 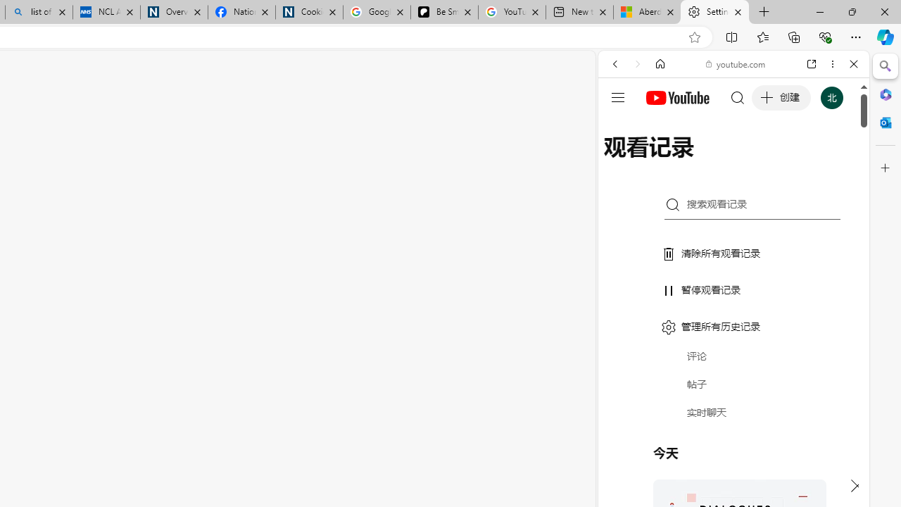 I want to click on 'Music', so click(x=733, y=382).